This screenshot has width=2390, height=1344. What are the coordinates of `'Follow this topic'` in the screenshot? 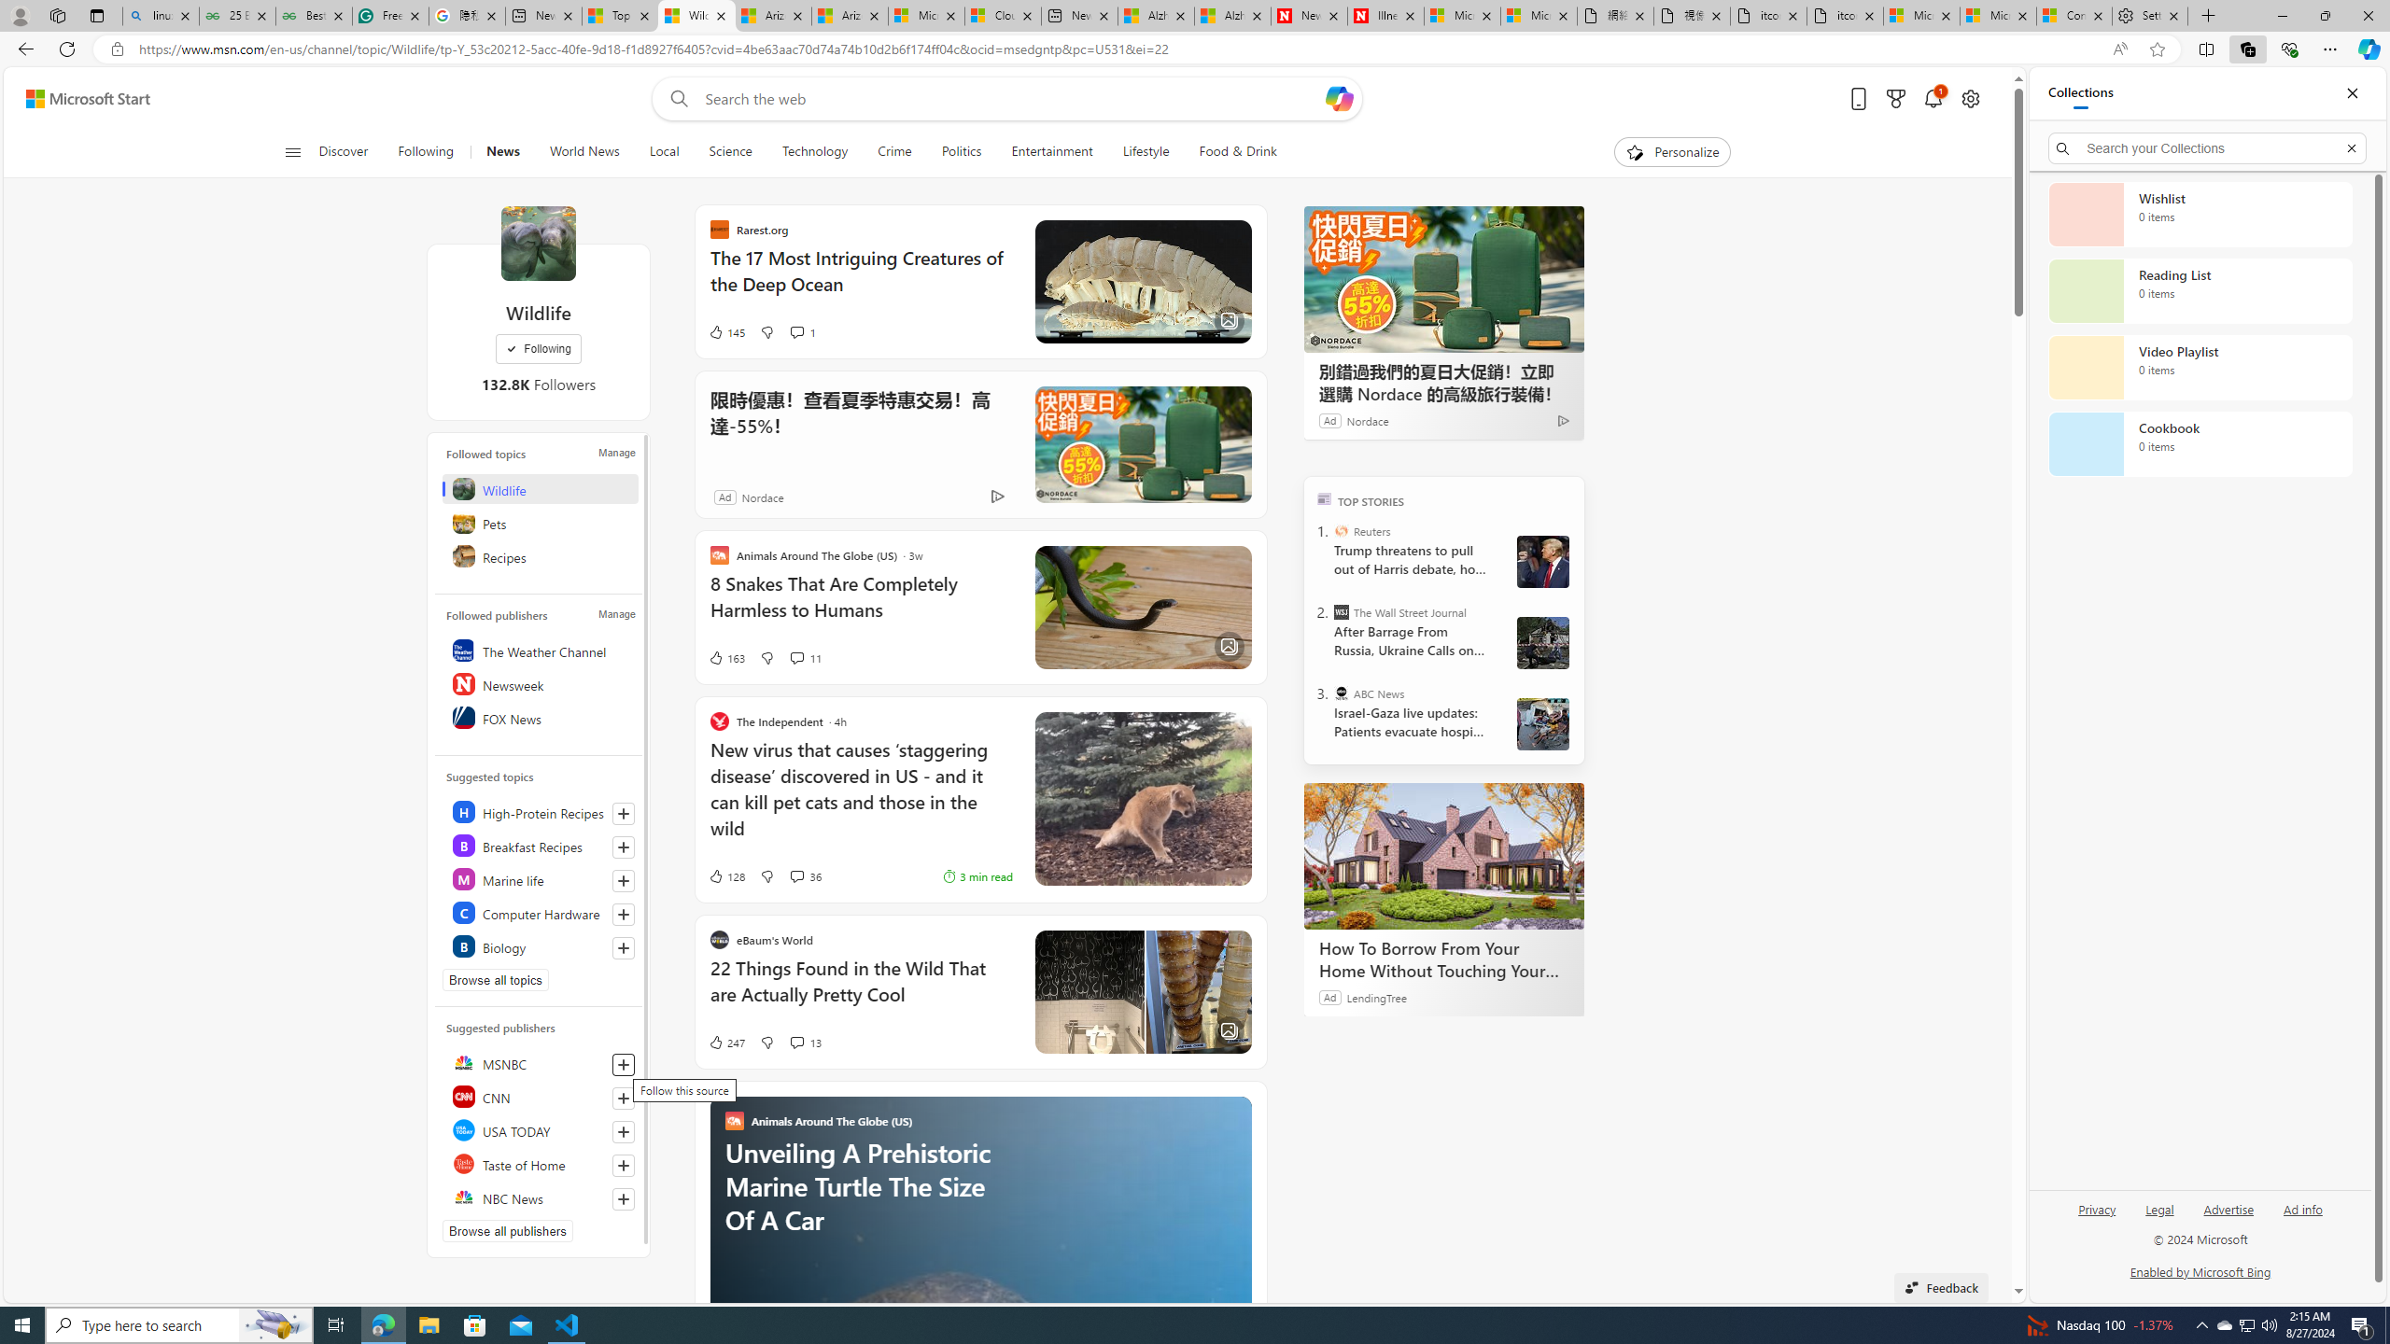 It's located at (624, 946).